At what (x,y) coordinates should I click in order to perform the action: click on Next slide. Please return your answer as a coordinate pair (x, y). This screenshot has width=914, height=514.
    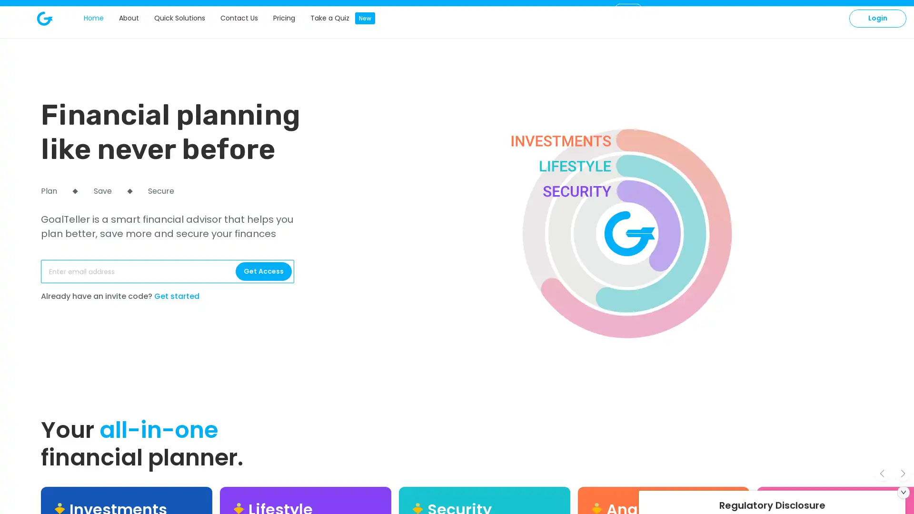
    Looking at the image, I should click on (902, 473).